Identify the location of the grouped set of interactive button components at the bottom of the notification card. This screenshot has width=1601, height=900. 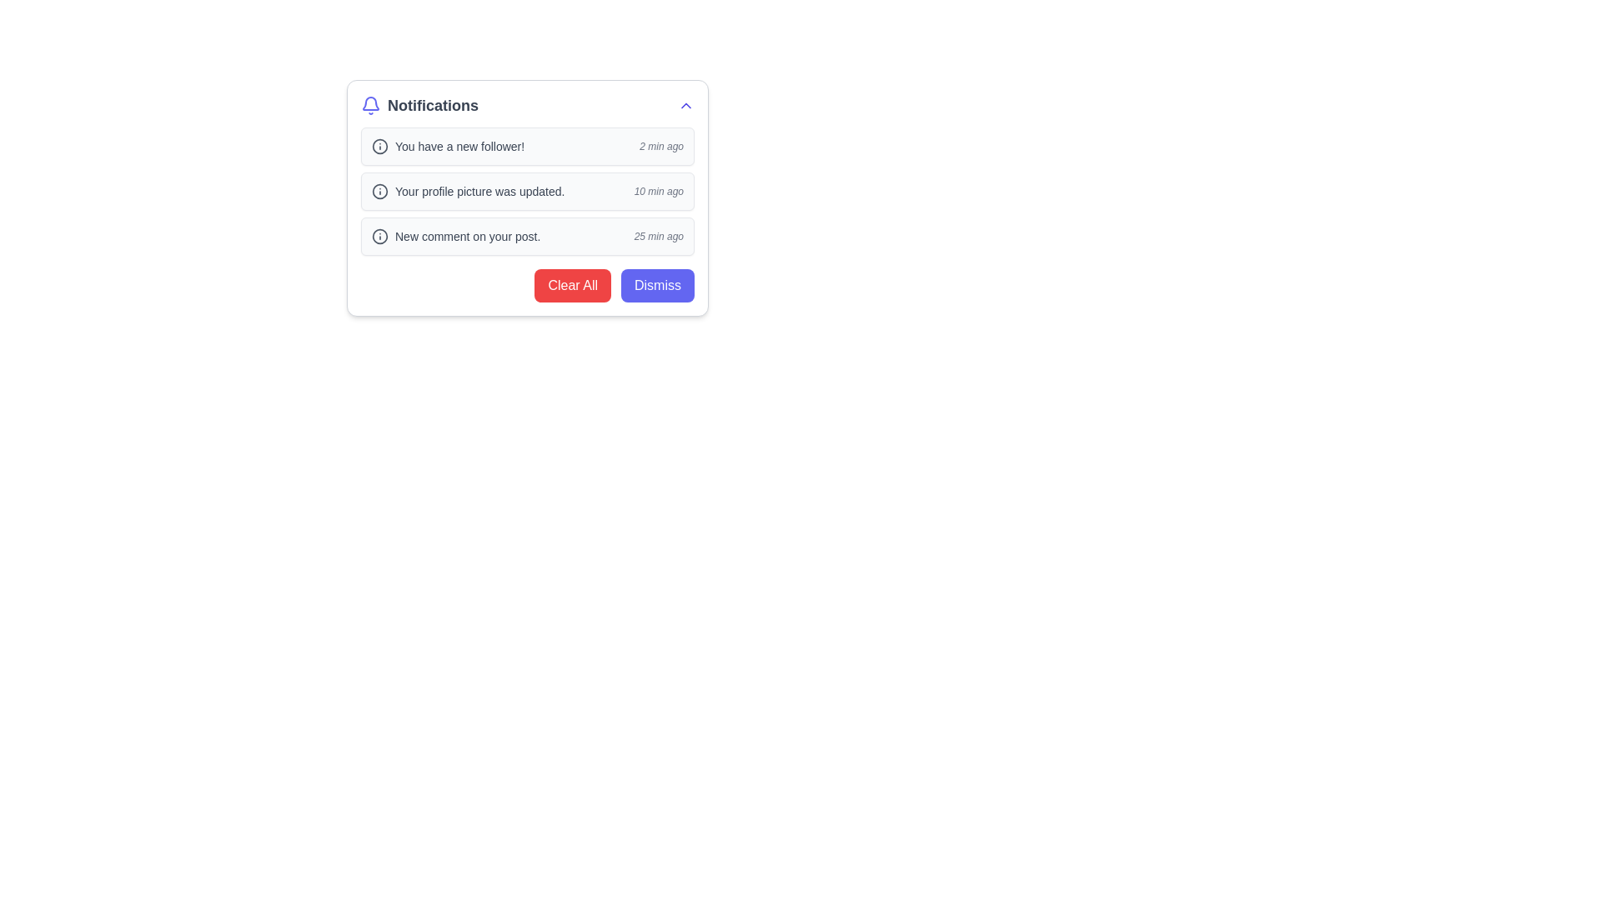
(527, 278).